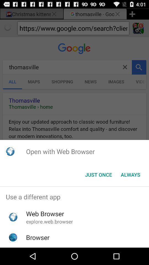 The image size is (149, 265). What do you see at coordinates (98, 174) in the screenshot?
I see `the just once button` at bounding box center [98, 174].